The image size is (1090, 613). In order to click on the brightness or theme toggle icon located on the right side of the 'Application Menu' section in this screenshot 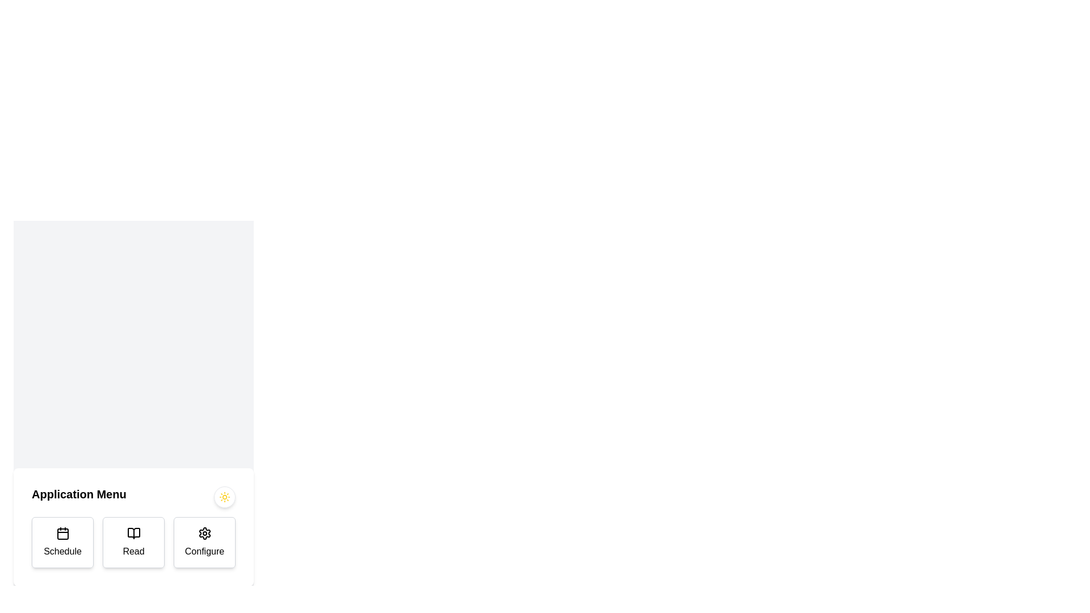, I will do `click(224, 496)`.